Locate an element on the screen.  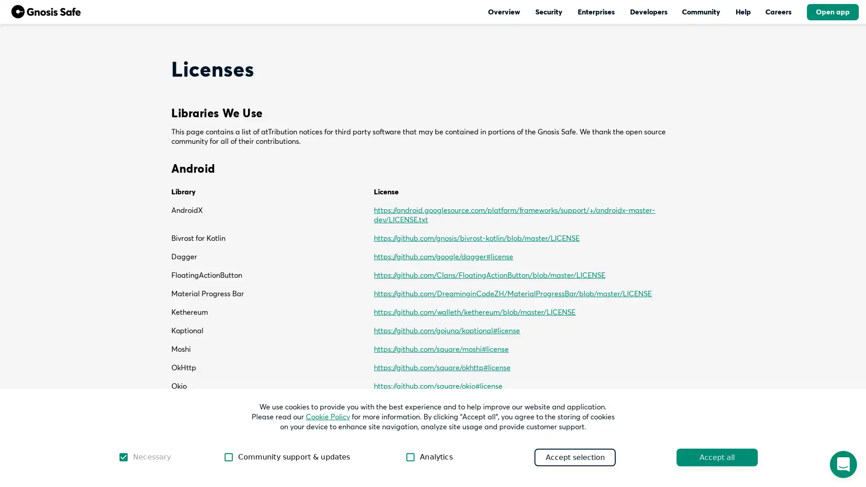
Accept all is located at coordinates (716, 457).